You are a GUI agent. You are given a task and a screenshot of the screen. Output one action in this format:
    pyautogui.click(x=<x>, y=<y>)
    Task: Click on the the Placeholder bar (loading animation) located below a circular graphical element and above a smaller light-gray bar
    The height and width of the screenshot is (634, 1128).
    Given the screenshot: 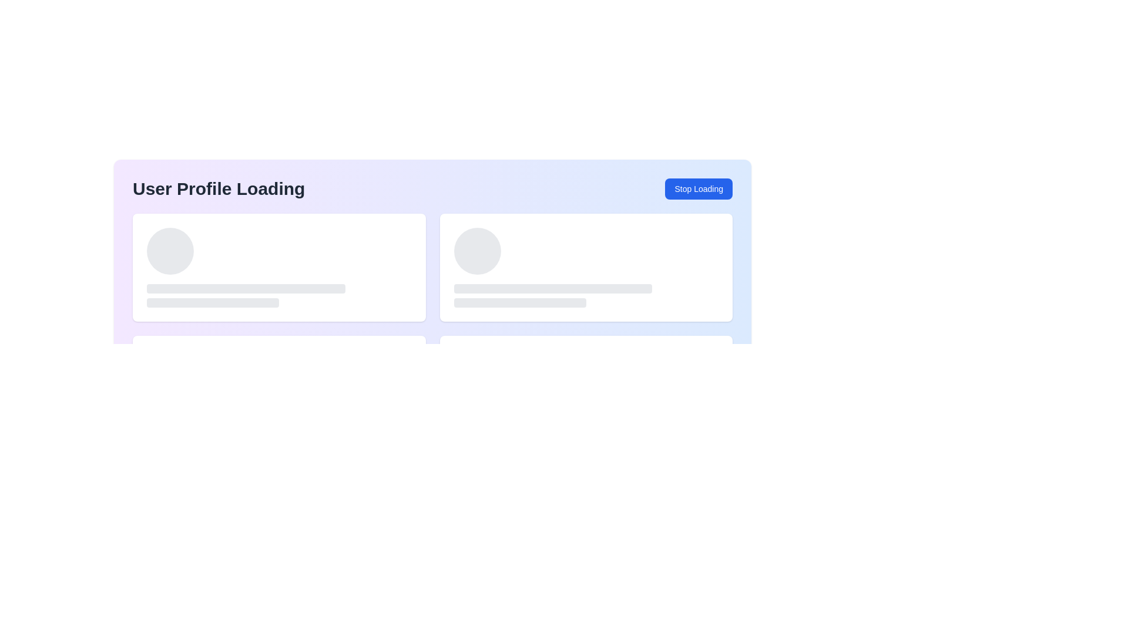 What is the action you would take?
    pyautogui.click(x=552, y=289)
    